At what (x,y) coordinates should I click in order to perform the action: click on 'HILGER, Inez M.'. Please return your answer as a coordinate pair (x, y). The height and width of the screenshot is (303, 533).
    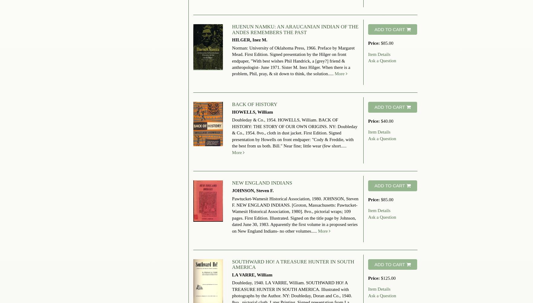
    Looking at the image, I should click on (231, 39).